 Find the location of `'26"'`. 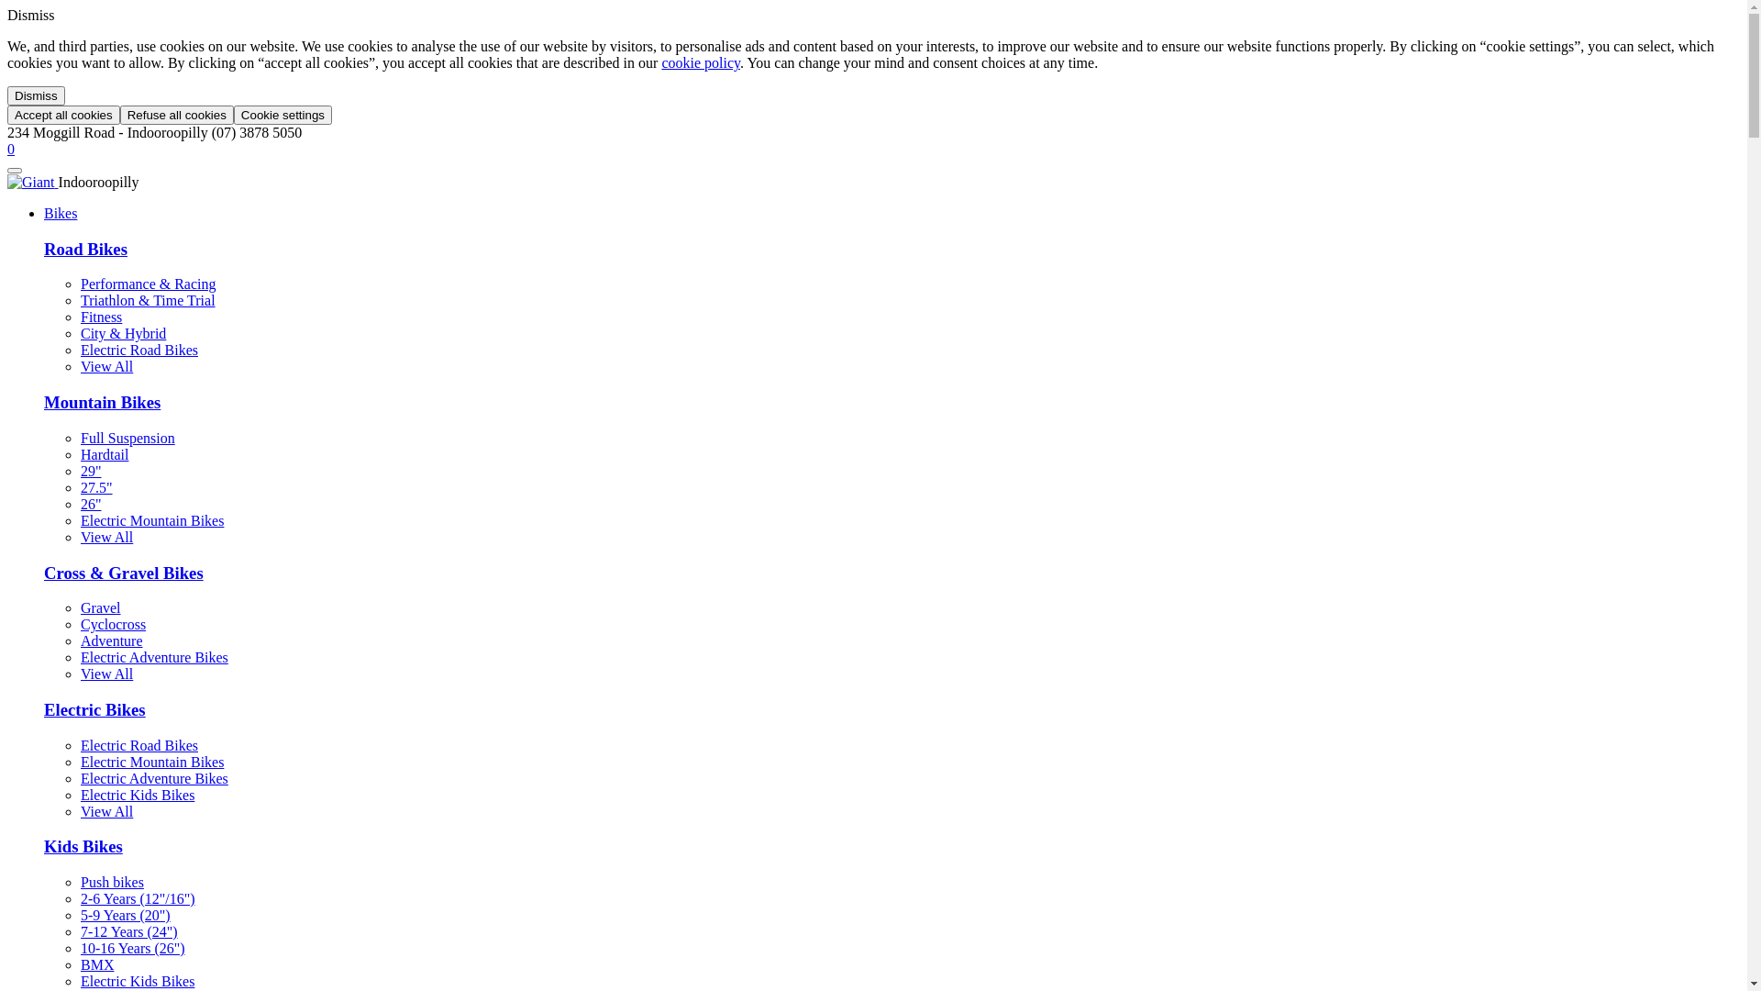

'26"' is located at coordinates (90, 504).